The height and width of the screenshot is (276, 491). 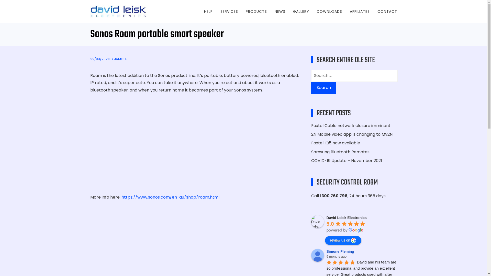 I want to click on 'Foxtel IQ5 now available', so click(x=335, y=143).